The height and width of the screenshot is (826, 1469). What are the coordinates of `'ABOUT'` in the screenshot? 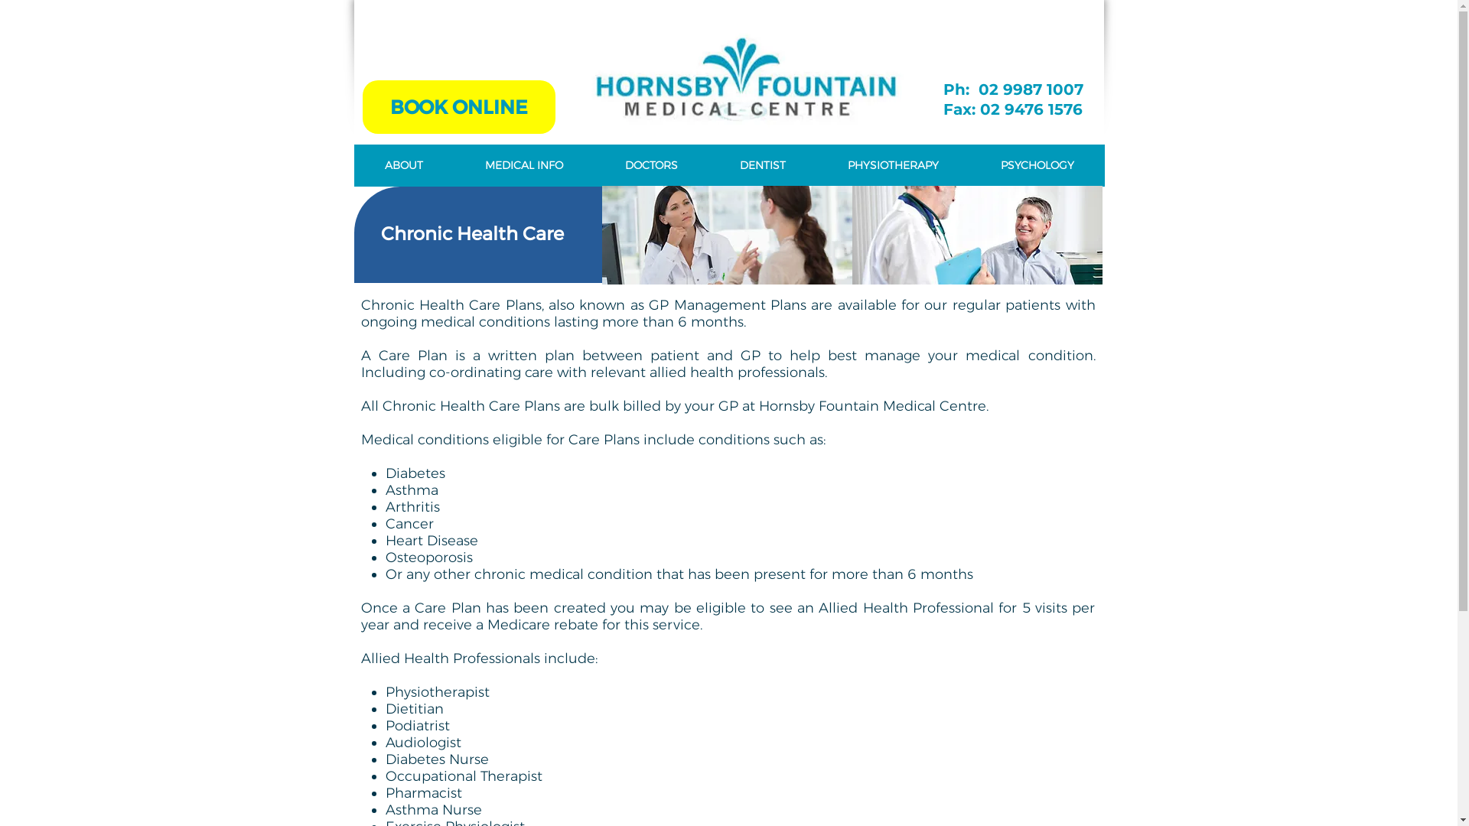 It's located at (403, 165).